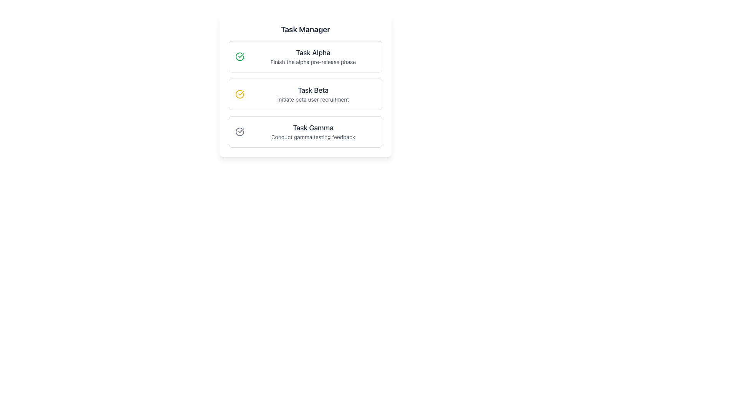 Image resolution: width=737 pixels, height=414 pixels. What do you see at coordinates (313, 128) in the screenshot?
I see `the 'Task Gamma' text label` at bounding box center [313, 128].